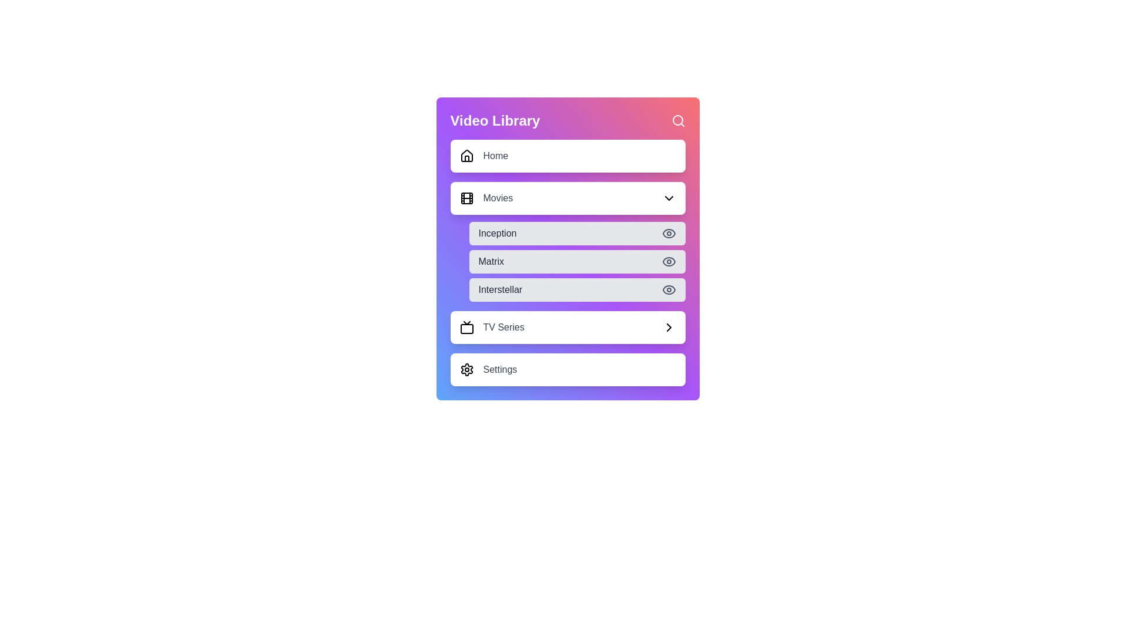  I want to click on the dropdown options group for movies, which includes the titles 'Inception', 'Matrix', and 'Interstellar', so click(568, 241).